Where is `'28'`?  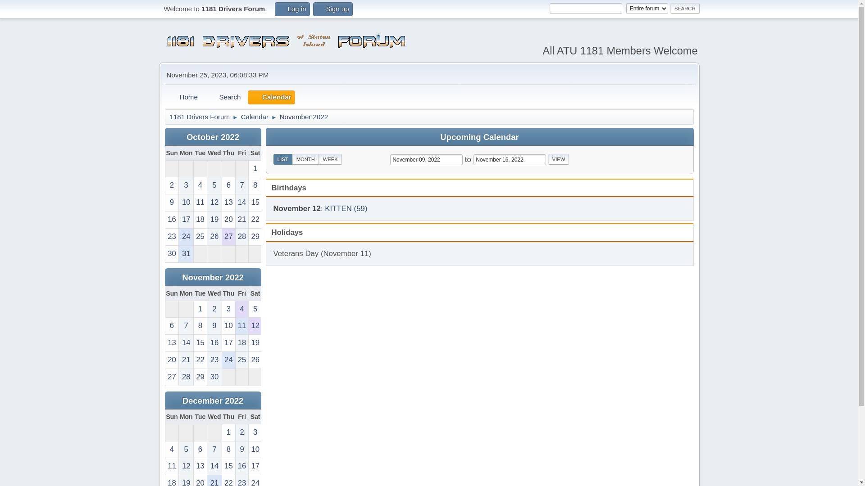
'28' is located at coordinates (179, 377).